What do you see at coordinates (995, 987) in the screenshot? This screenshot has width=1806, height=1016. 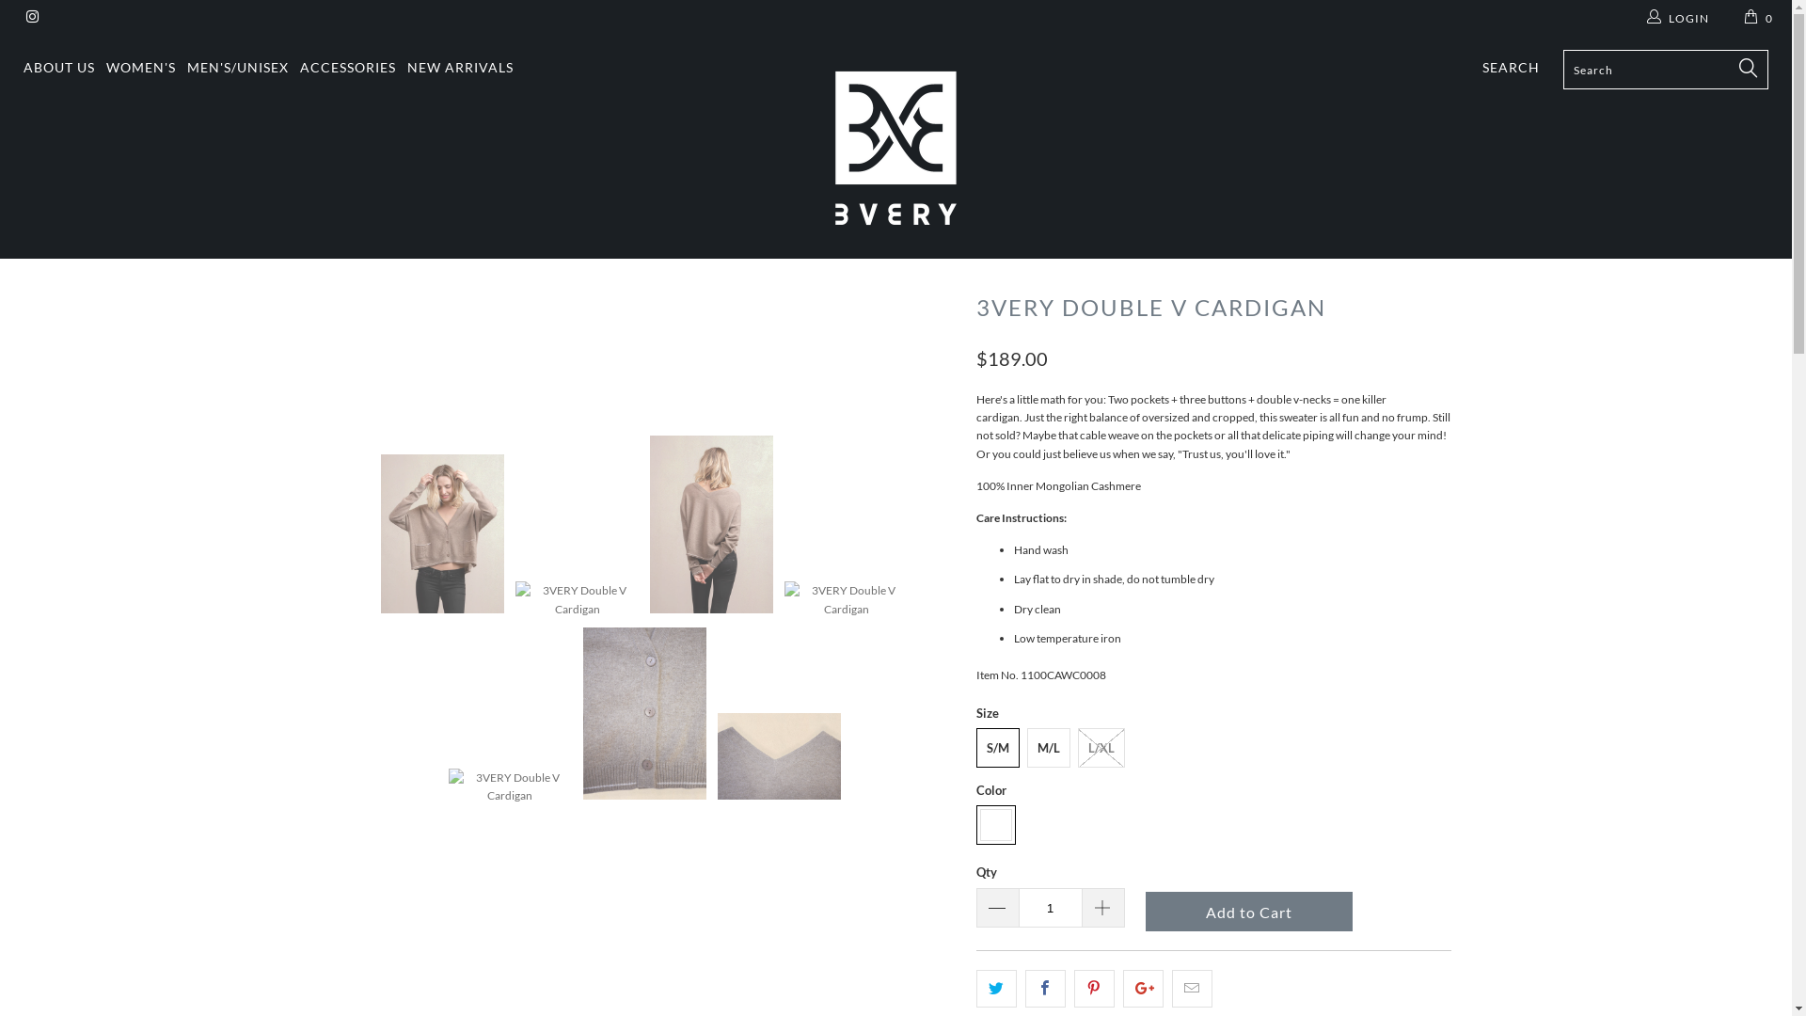 I see `'Share this on Twitter'` at bounding box center [995, 987].